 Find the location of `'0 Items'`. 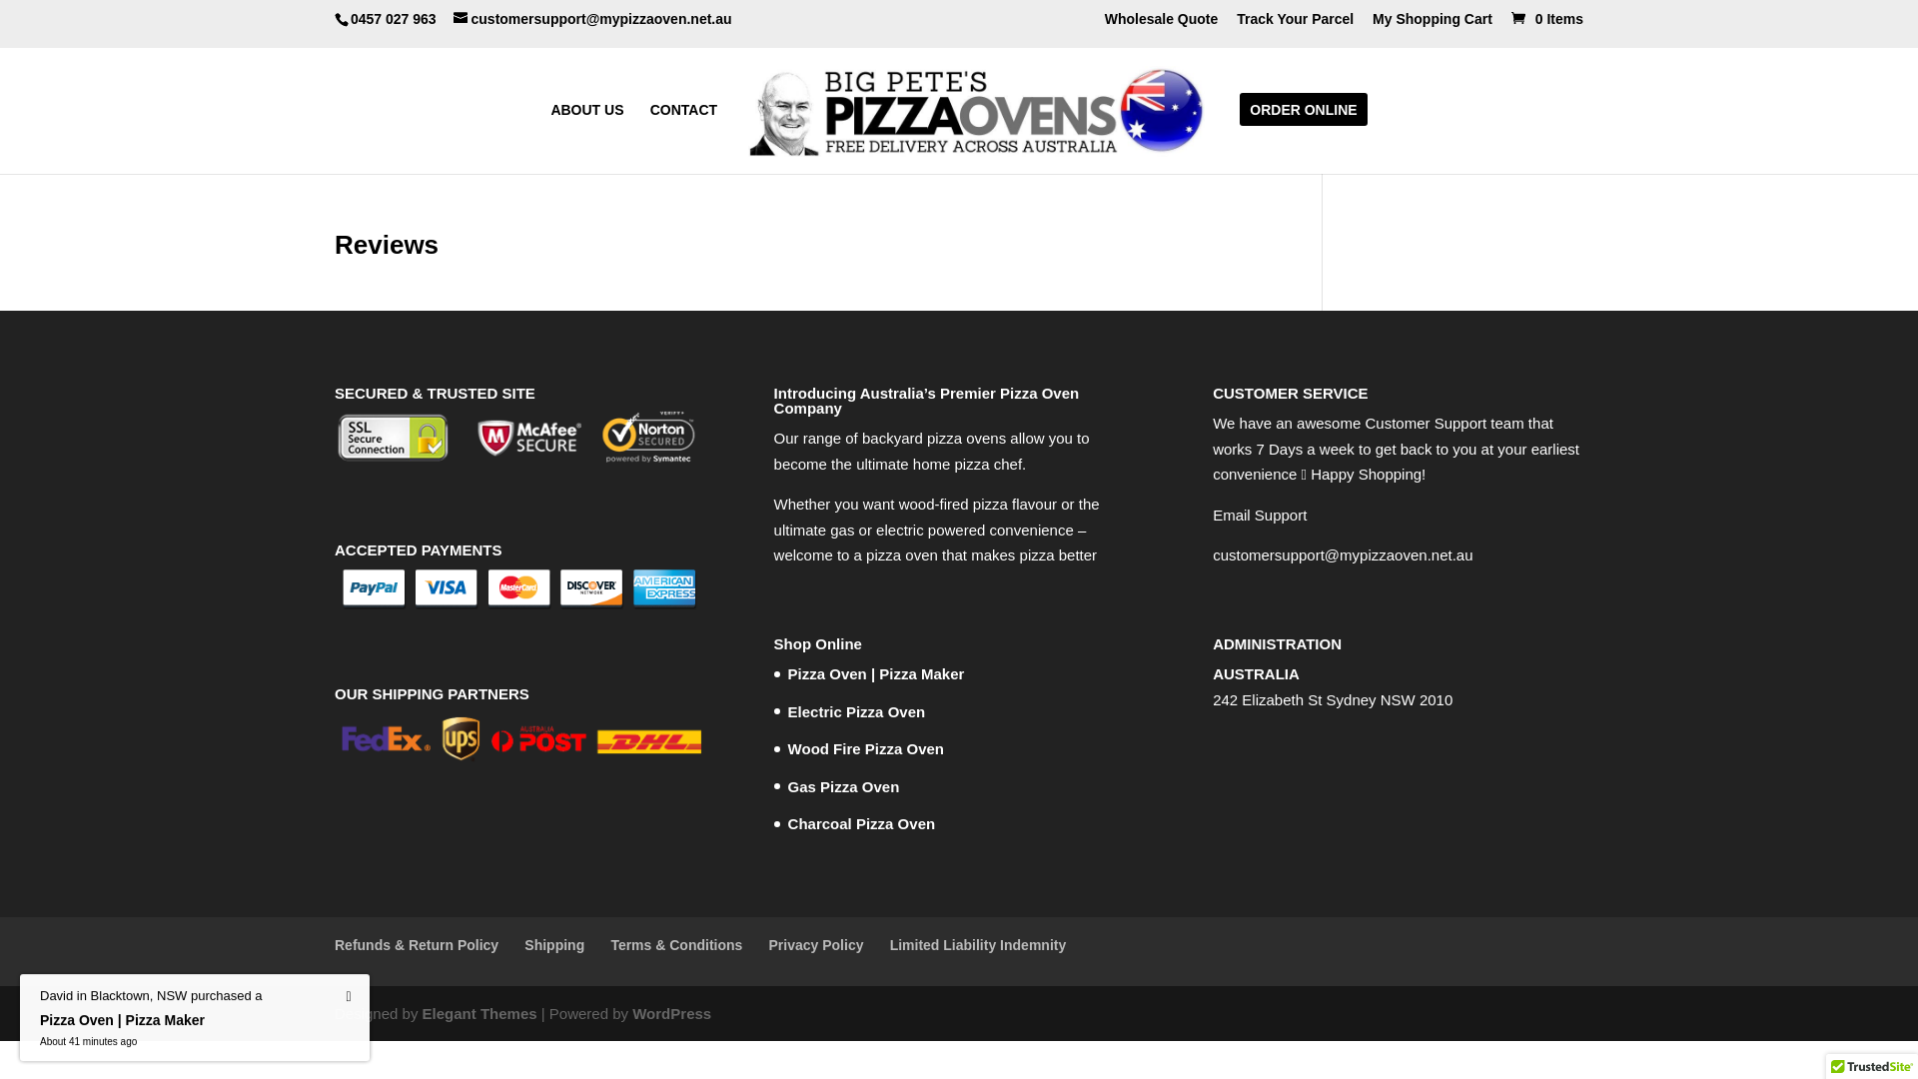

'0 Items' is located at coordinates (1543, 18).